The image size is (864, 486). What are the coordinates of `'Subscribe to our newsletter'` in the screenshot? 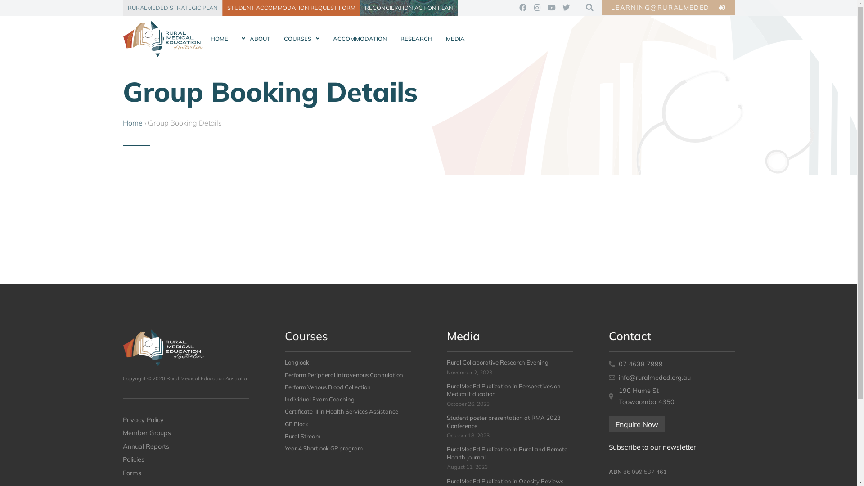 It's located at (652, 447).